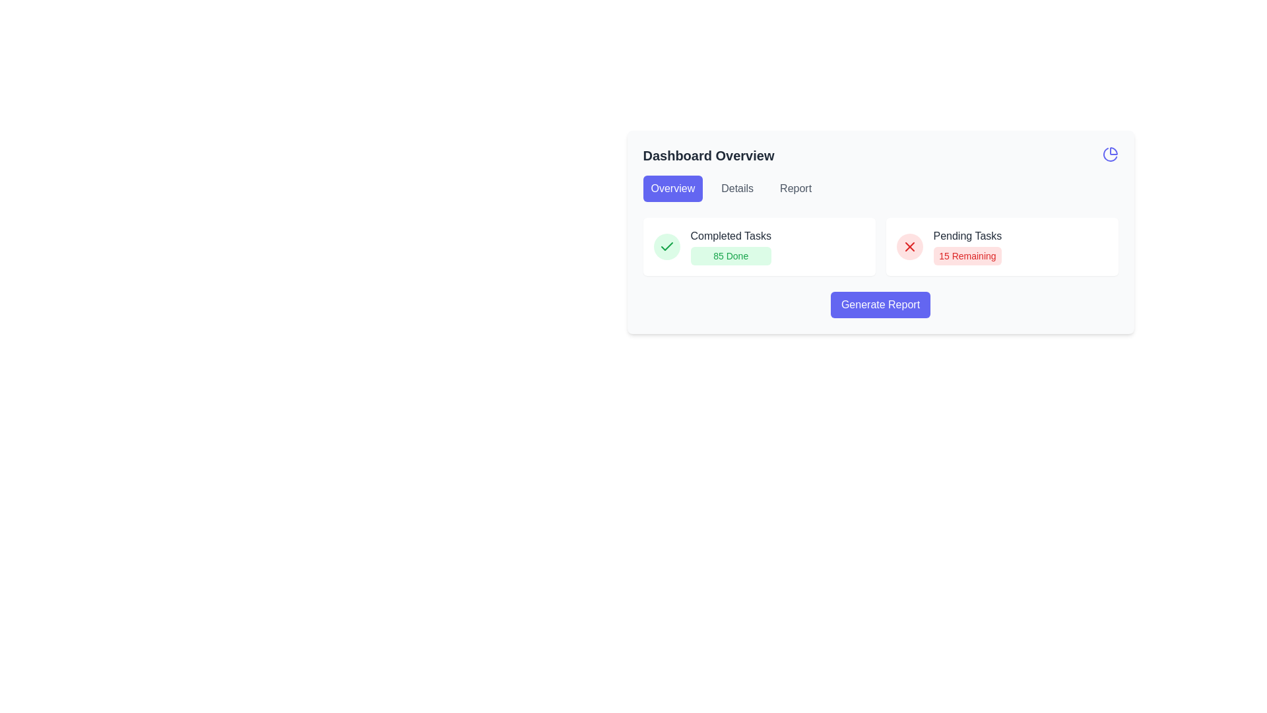 This screenshot has height=713, width=1267. Describe the element at coordinates (909, 247) in the screenshot. I see `the Icon button located to the left of the text 'Pending Tasks' and '15 Remaining'` at that location.